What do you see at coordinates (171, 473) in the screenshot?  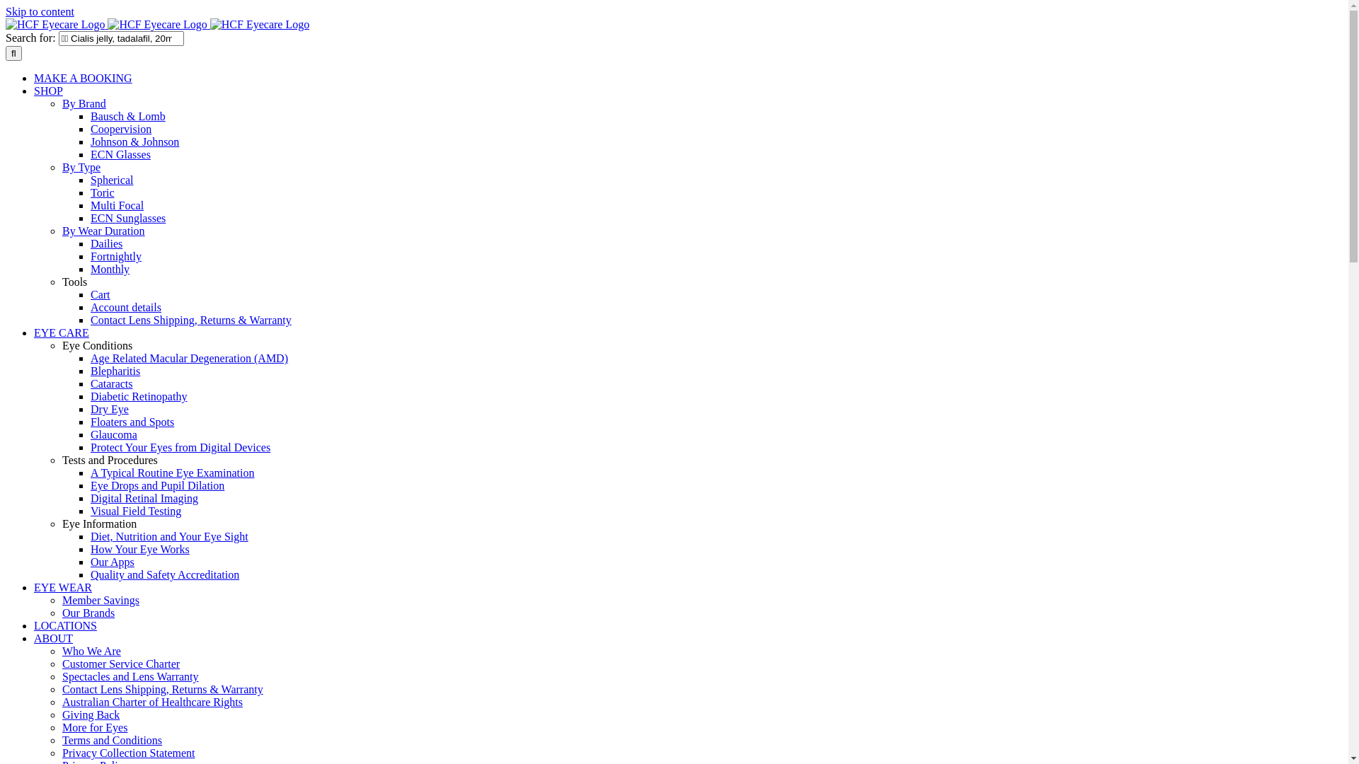 I see `'A Typical Routine Eye Examination'` at bounding box center [171, 473].